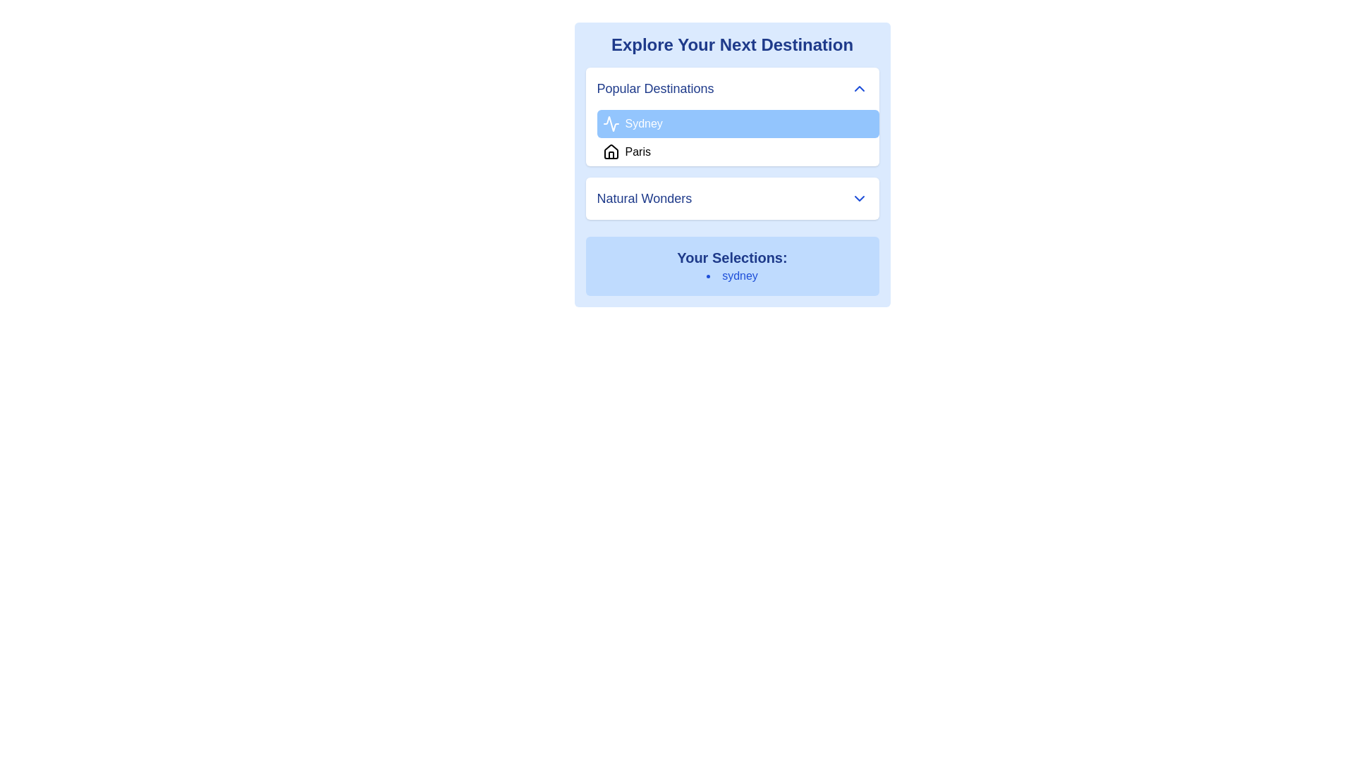 This screenshot has height=761, width=1354. What do you see at coordinates (637, 152) in the screenshot?
I see `the 'Paris' text label, which serves as a selectable destination option in the 'Popular Destinations' section, located to the right of a house-shaped icon` at bounding box center [637, 152].